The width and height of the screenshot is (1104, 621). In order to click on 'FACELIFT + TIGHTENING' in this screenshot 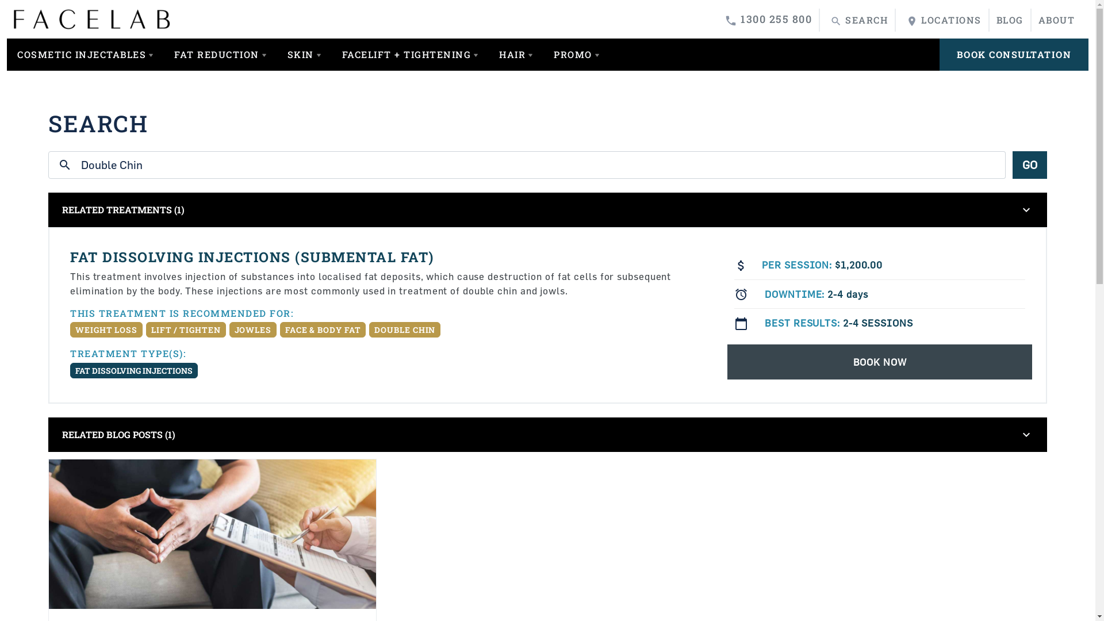, I will do `click(331, 55)`.